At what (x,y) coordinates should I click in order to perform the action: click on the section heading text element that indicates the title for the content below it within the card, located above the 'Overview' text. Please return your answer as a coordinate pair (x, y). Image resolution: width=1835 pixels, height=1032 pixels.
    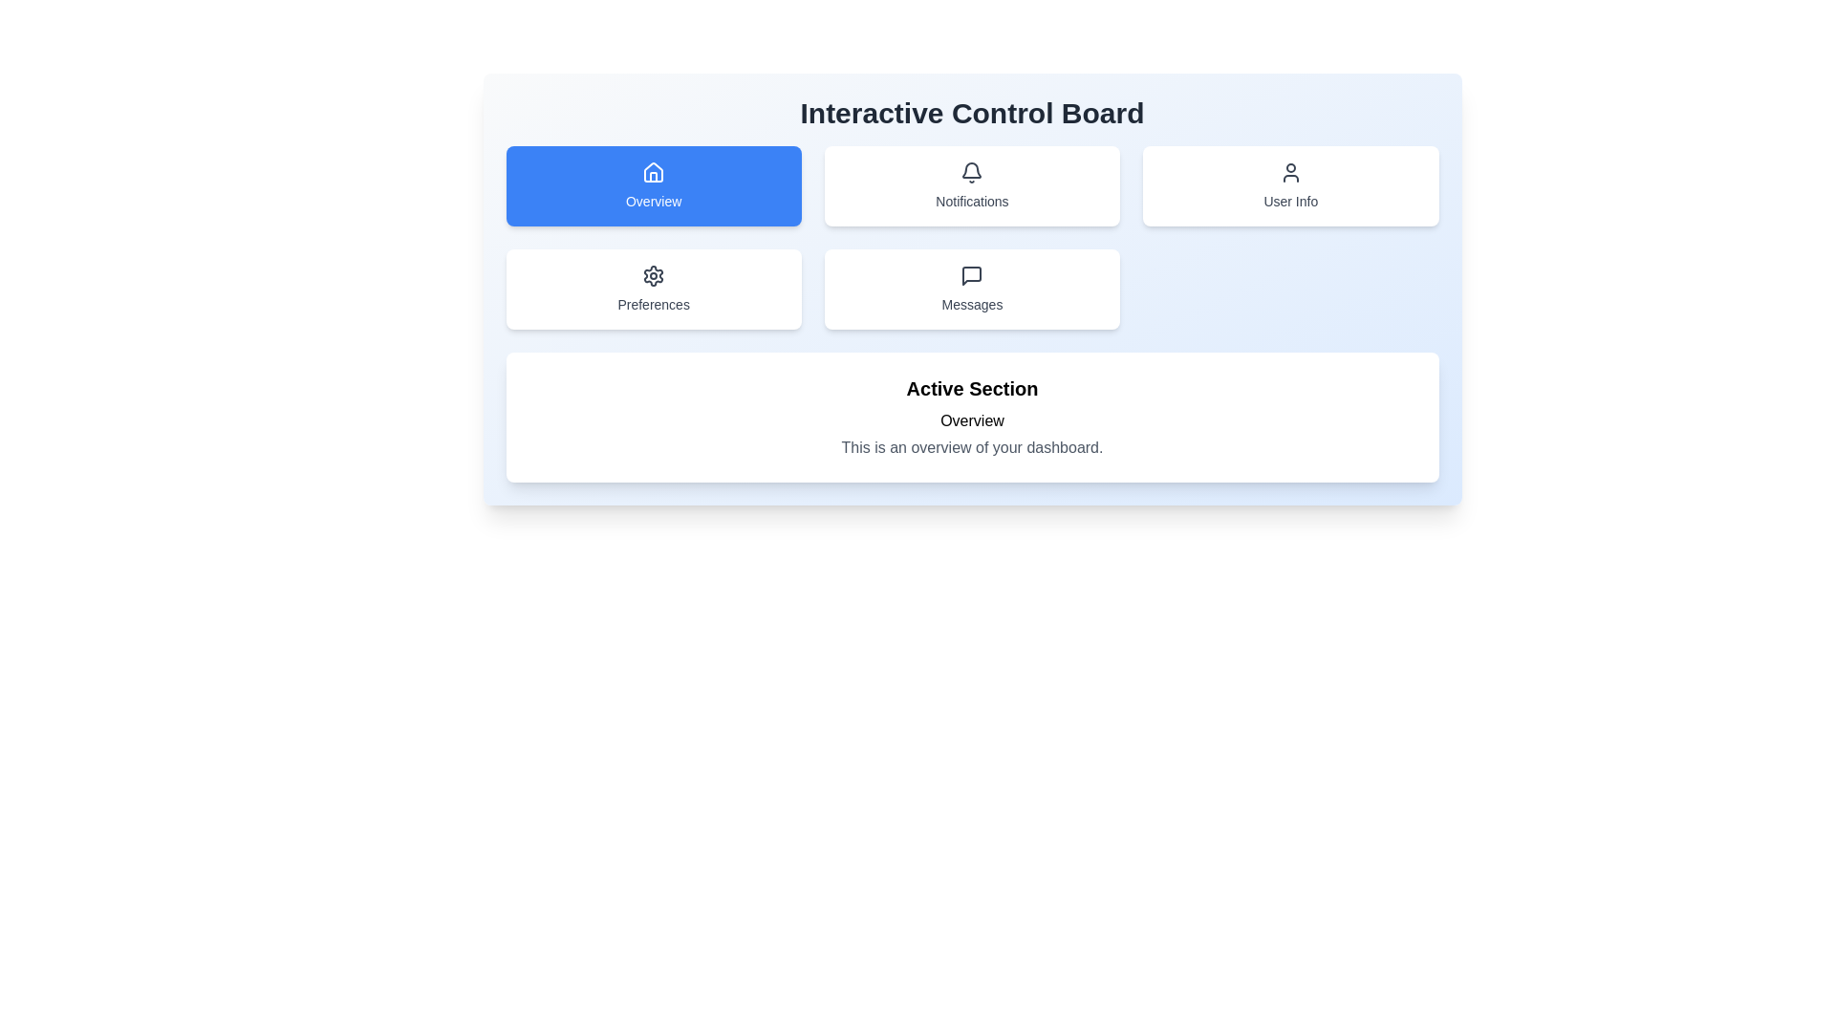
    Looking at the image, I should click on (972, 388).